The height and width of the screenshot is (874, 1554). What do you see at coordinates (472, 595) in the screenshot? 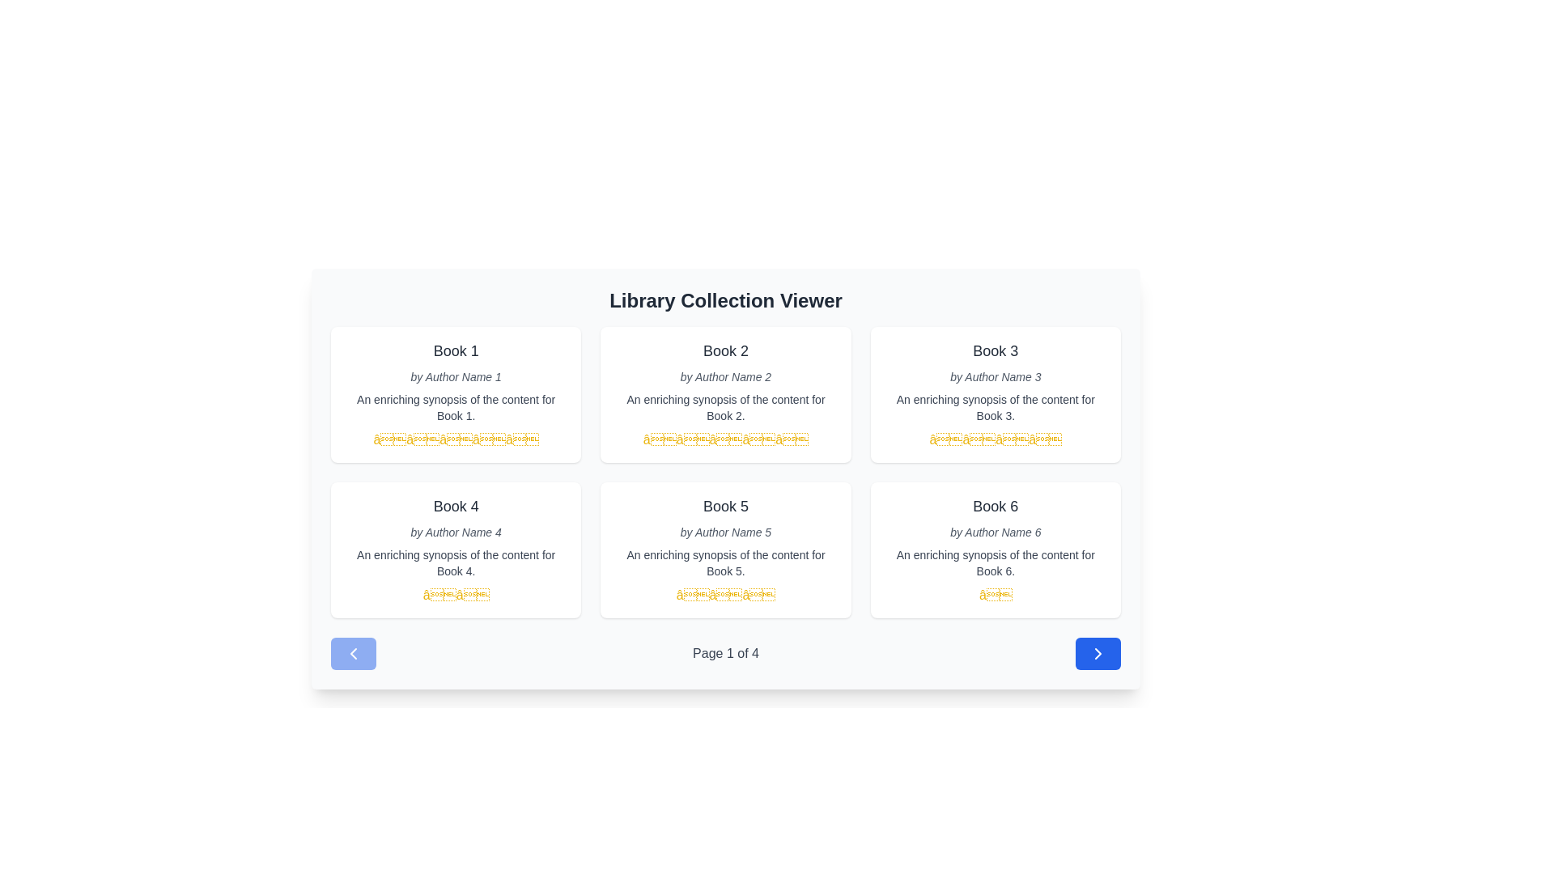
I see `the second yellow star icon representing the rating mechanism for 'Book 4'` at bounding box center [472, 595].